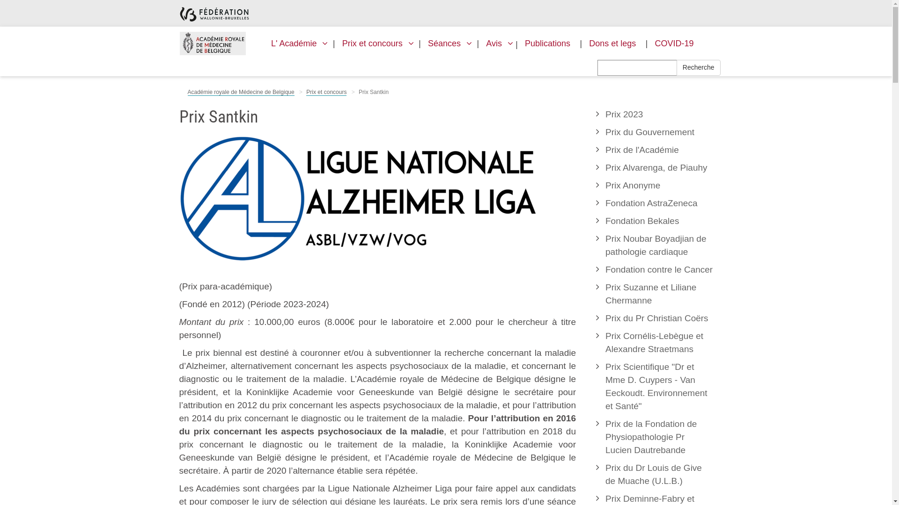  Describe the element at coordinates (605, 114) in the screenshot. I see `'Prix 2023'` at that location.